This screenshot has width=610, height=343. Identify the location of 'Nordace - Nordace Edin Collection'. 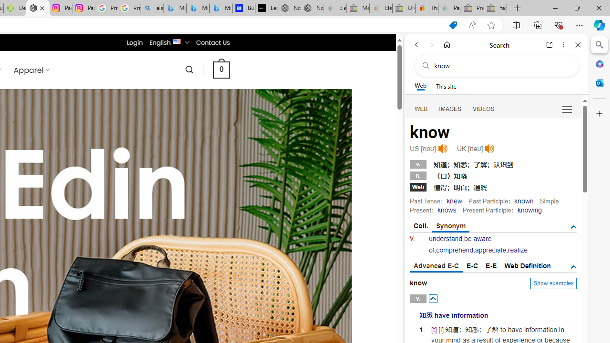
(38, 8).